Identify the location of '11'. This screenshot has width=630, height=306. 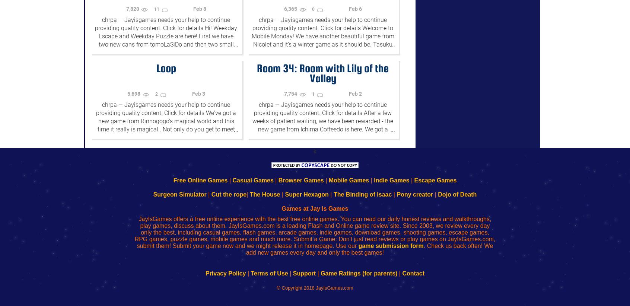
(157, 9).